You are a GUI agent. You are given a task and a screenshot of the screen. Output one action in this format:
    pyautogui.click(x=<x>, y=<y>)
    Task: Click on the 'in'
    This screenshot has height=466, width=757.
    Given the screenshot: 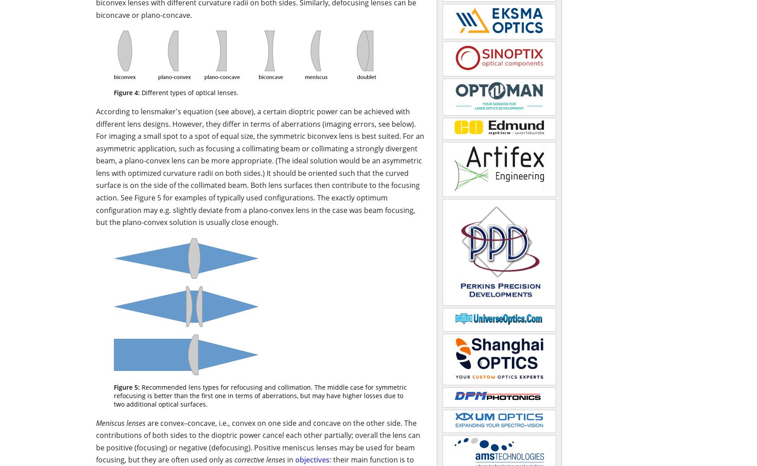 What is the action you would take?
    pyautogui.click(x=290, y=460)
    